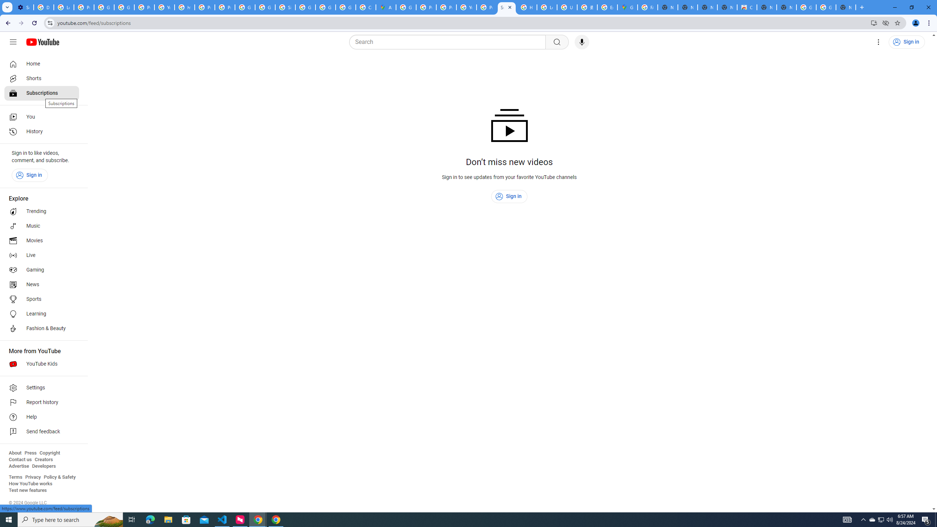  What do you see at coordinates (41, 93) in the screenshot?
I see `'Subscriptions'` at bounding box center [41, 93].